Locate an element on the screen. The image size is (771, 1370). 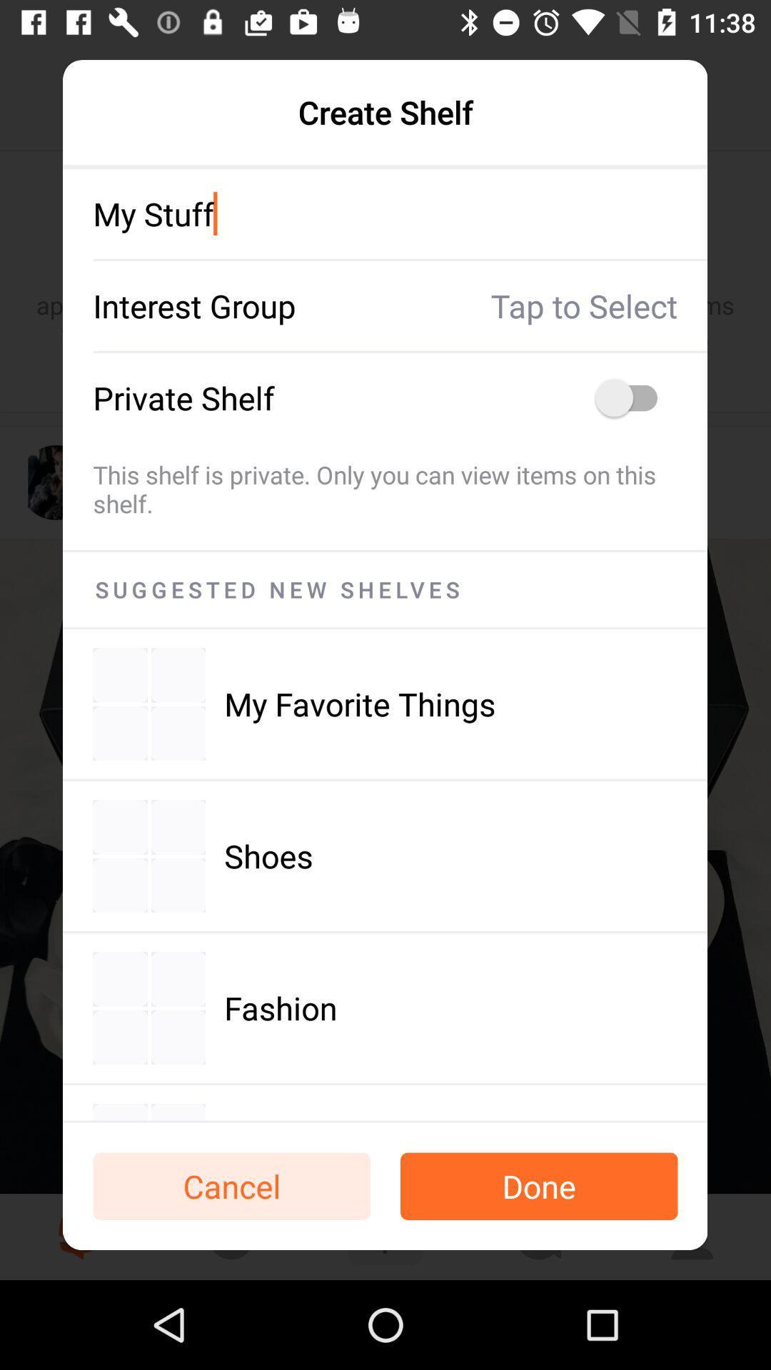
on is located at coordinates (633, 397).